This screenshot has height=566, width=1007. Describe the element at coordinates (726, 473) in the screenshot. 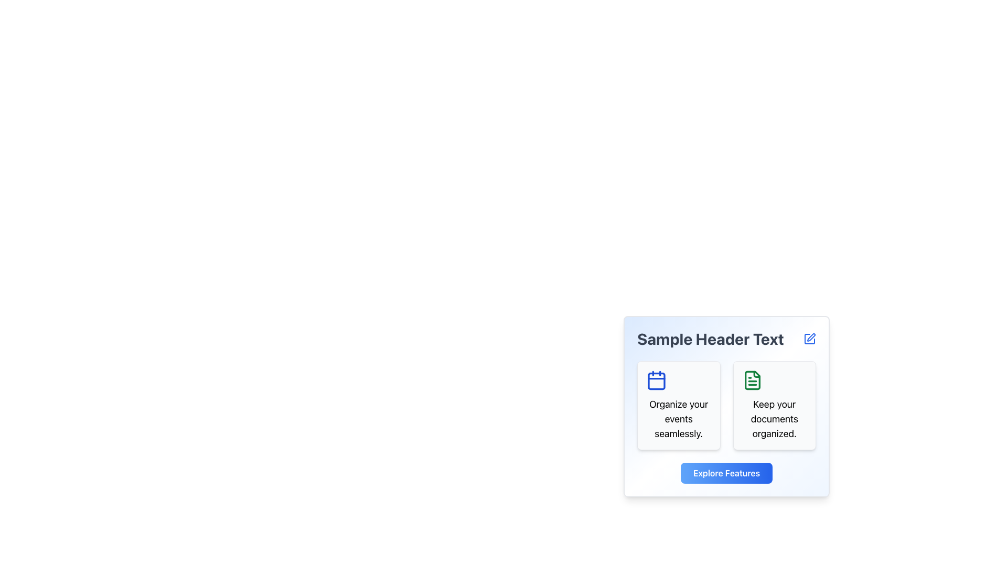

I see `the button located at the bottom-center of the light blue card to enable keyboard interaction for navigating to the features section` at that location.